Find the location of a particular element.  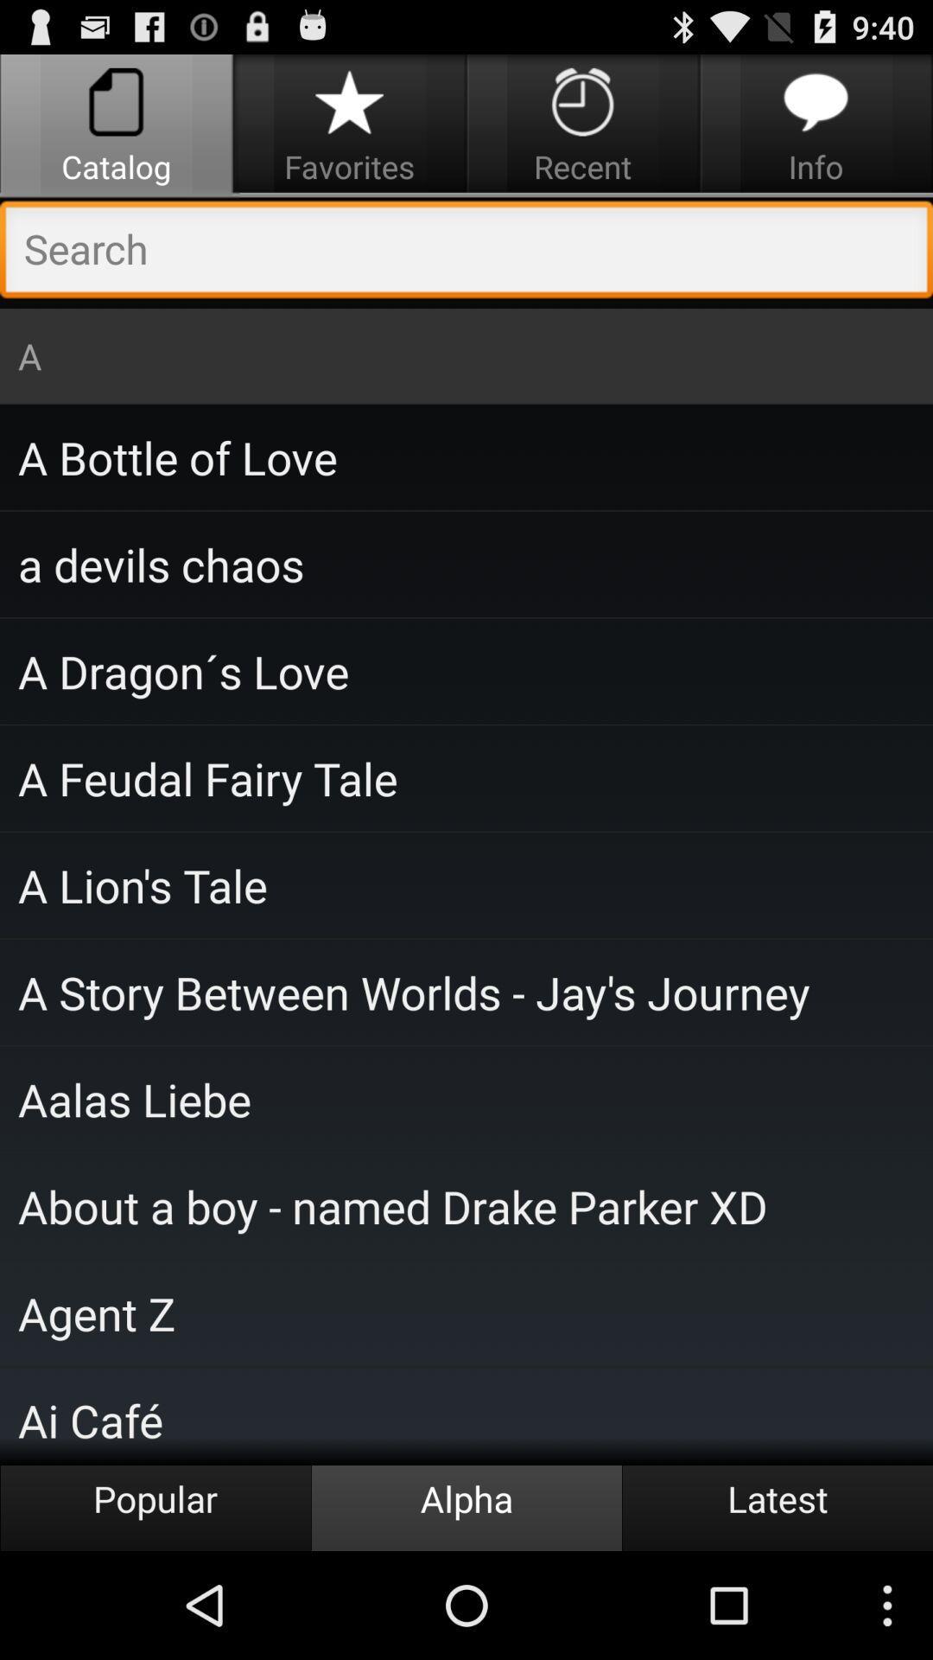

the latest item is located at coordinates (776, 1507).